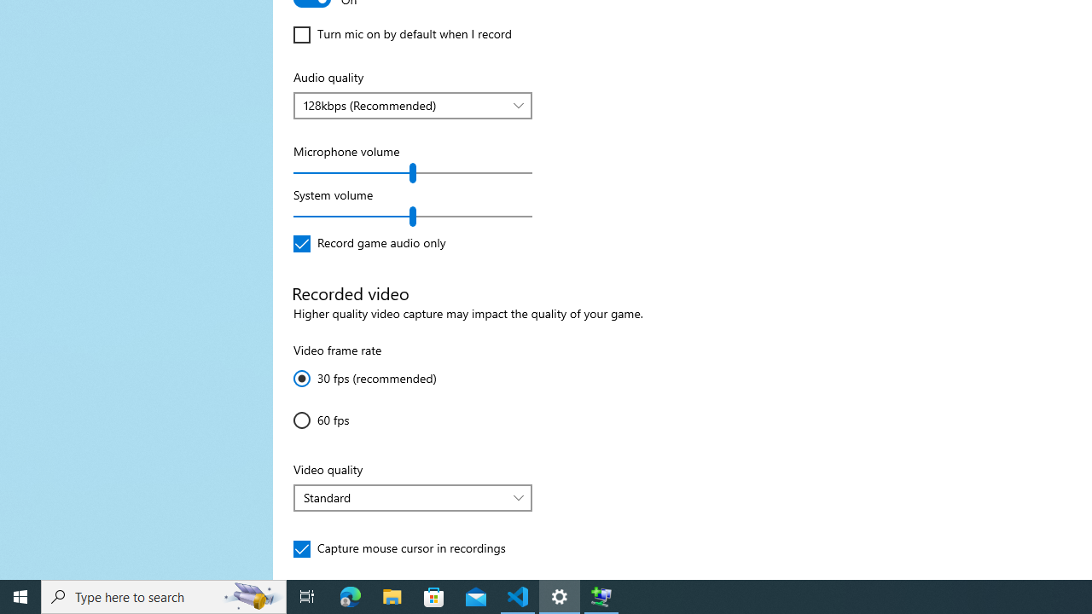 This screenshot has width=1092, height=614. I want to click on '60 fps', so click(343, 420).